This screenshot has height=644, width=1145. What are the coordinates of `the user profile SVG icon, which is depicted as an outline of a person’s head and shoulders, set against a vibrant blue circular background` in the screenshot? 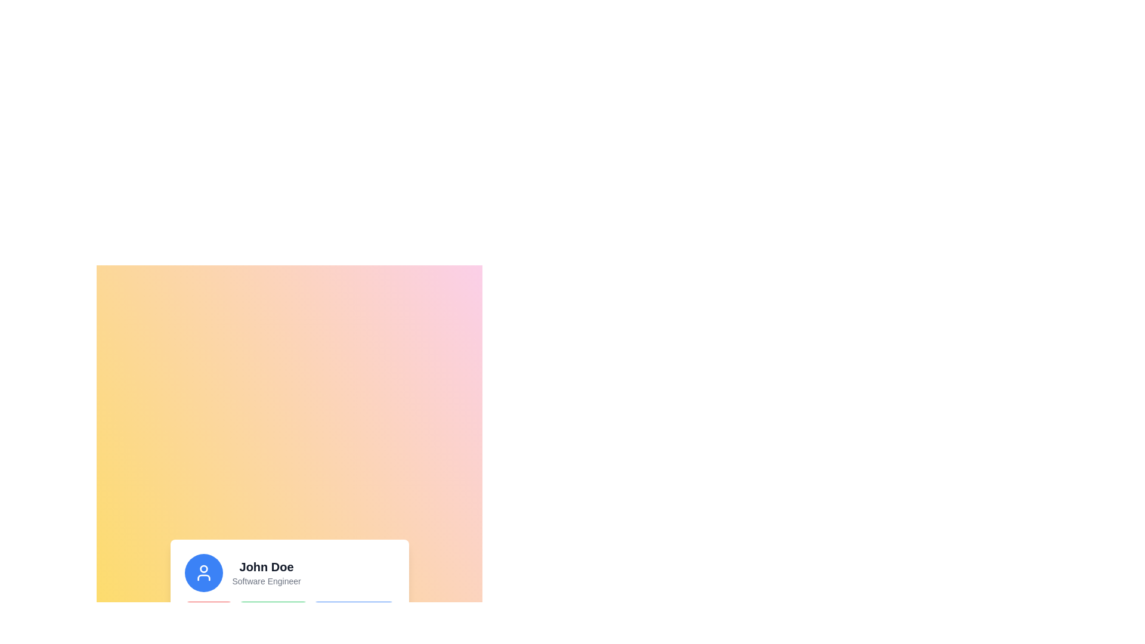 It's located at (203, 572).